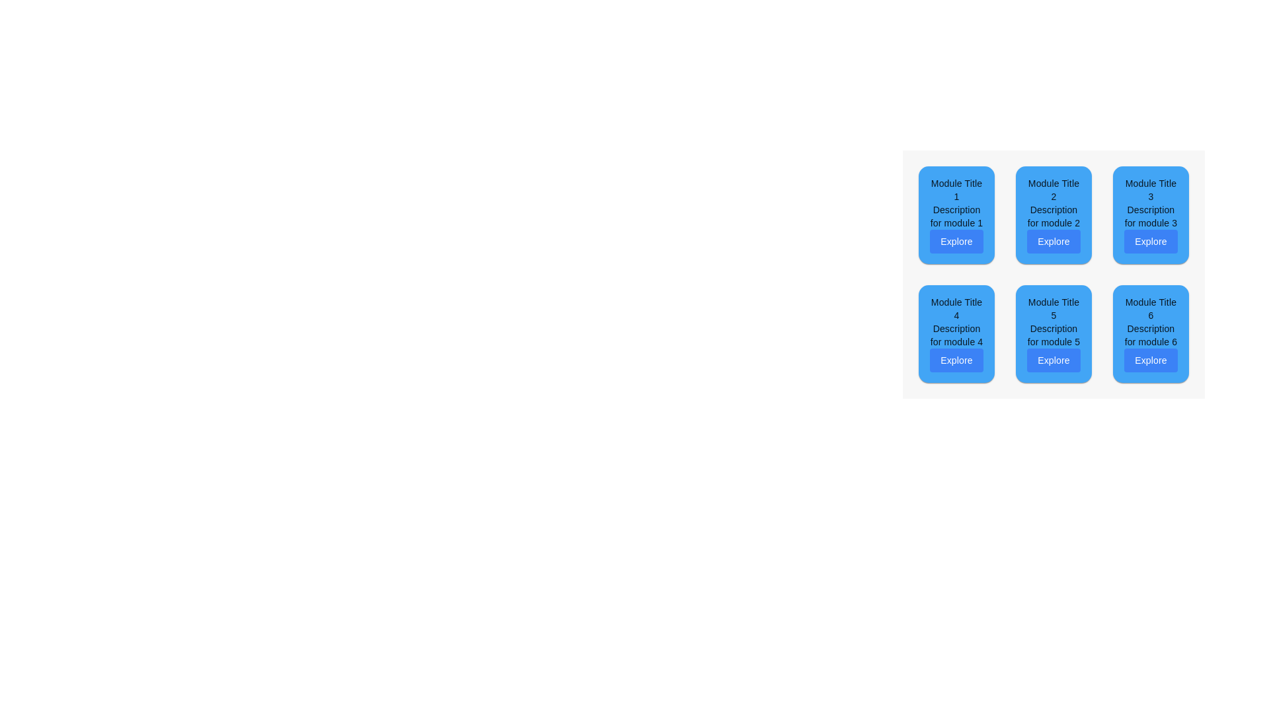  I want to click on the 'Explore' button on the blue card component titled 'Module Title 6', located in the bottom-right corner of the grid layout, so click(1139, 323).